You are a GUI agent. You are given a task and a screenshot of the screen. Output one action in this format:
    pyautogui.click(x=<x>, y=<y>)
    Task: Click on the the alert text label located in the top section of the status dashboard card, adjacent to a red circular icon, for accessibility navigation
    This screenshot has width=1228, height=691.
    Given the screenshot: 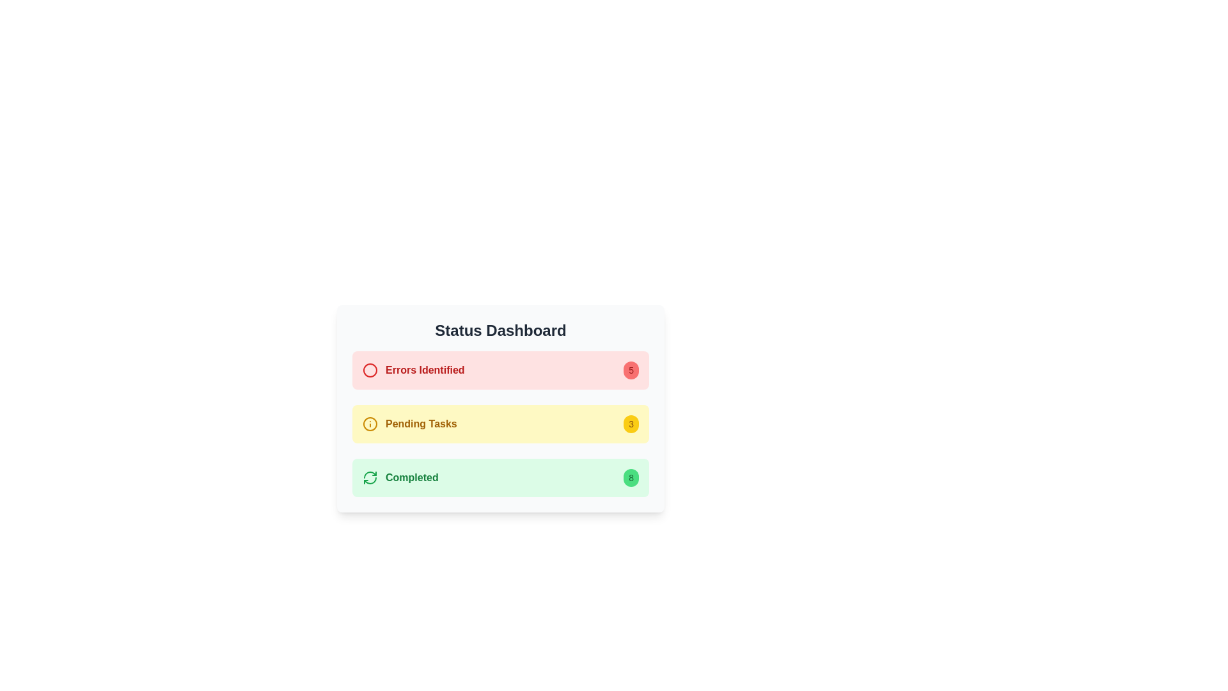 What is the action you would take?
    pyautogui.click(x=425, y=370)
    